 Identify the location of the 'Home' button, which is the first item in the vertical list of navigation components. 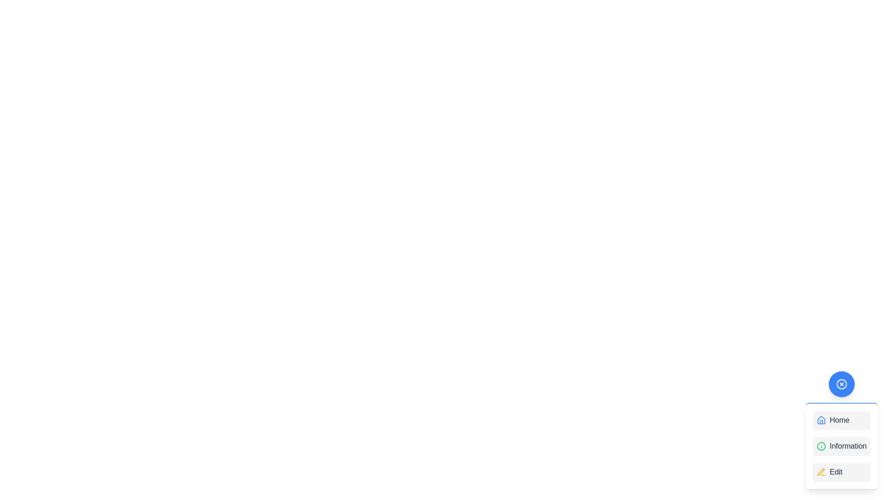
(842, 420).